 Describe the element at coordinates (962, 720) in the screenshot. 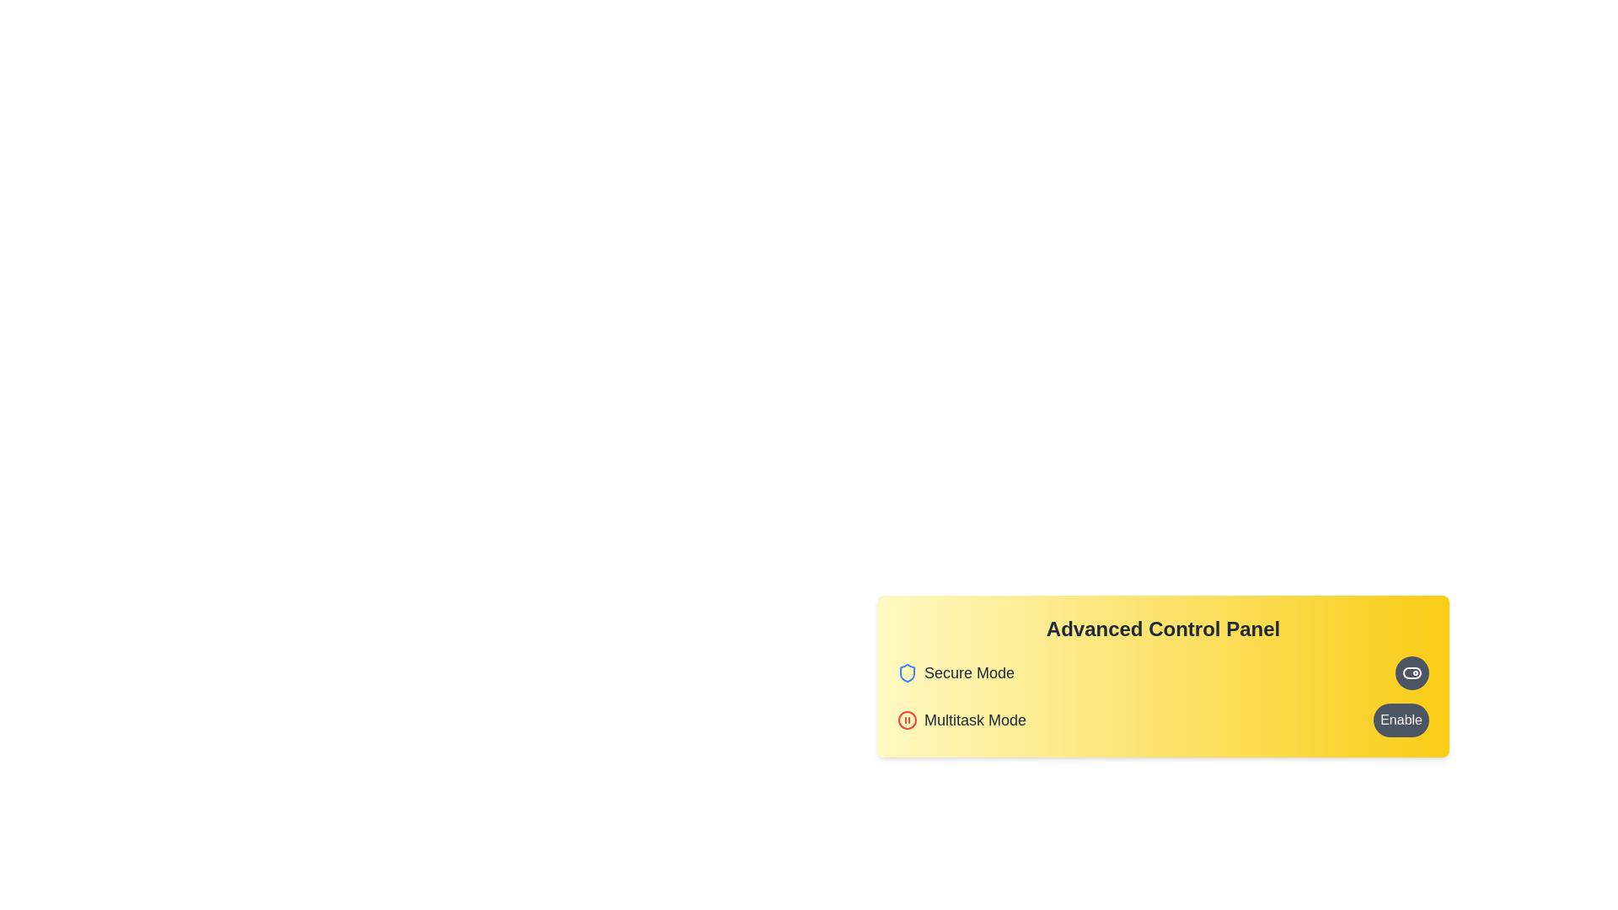

I see `the 'Multitask Mode' text label with icon, which is located in the lower-left area of the 'Advanced Control Panel', following the 'Secure Mode' label` at that location.